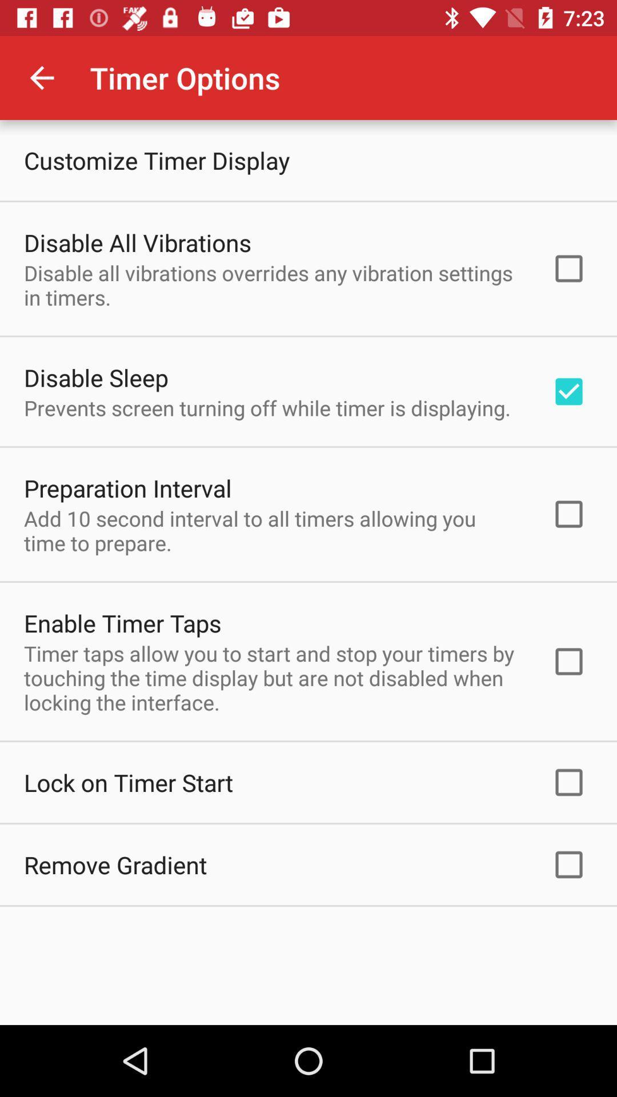 This screenshot has height=1097, width=617. What do you see at coordinates (95, 377) in the screenshot?
I see `the icon below the disable all vibrations item` at bounding box center [95, 377].